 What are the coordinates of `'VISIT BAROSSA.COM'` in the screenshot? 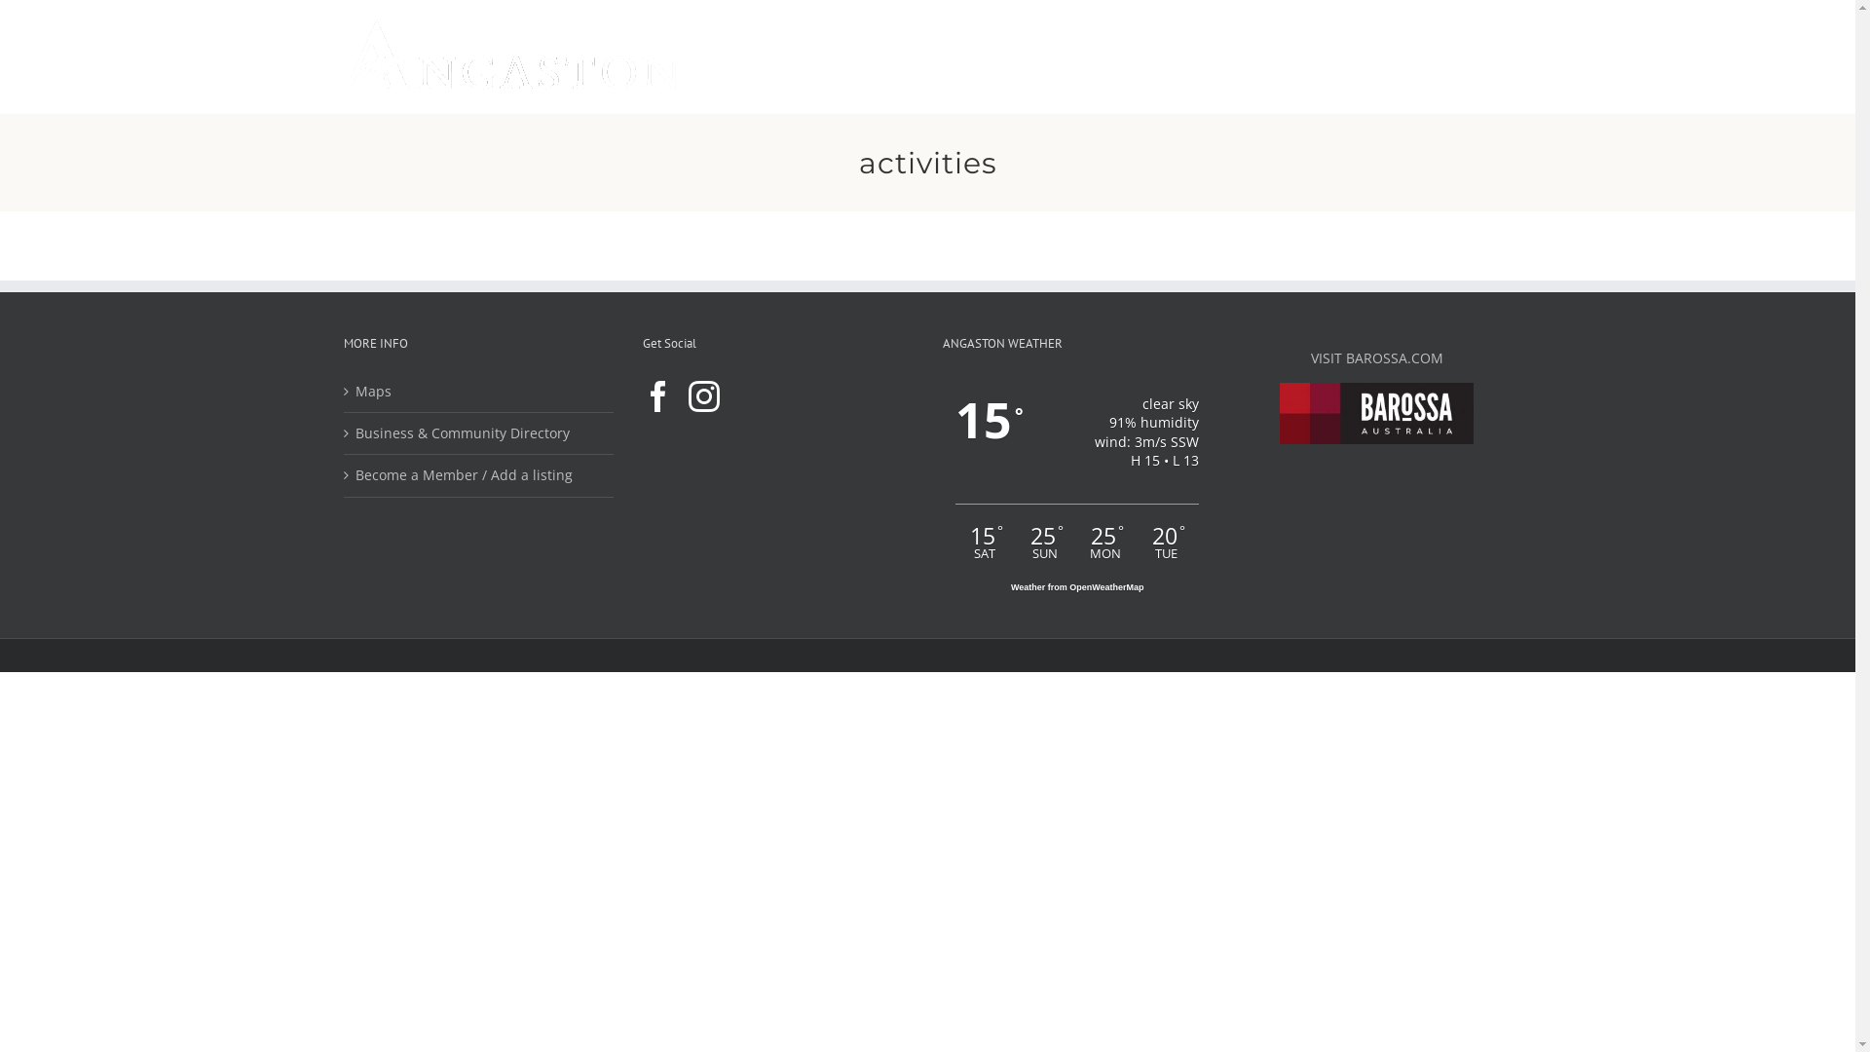 It's located at (1376, 357).